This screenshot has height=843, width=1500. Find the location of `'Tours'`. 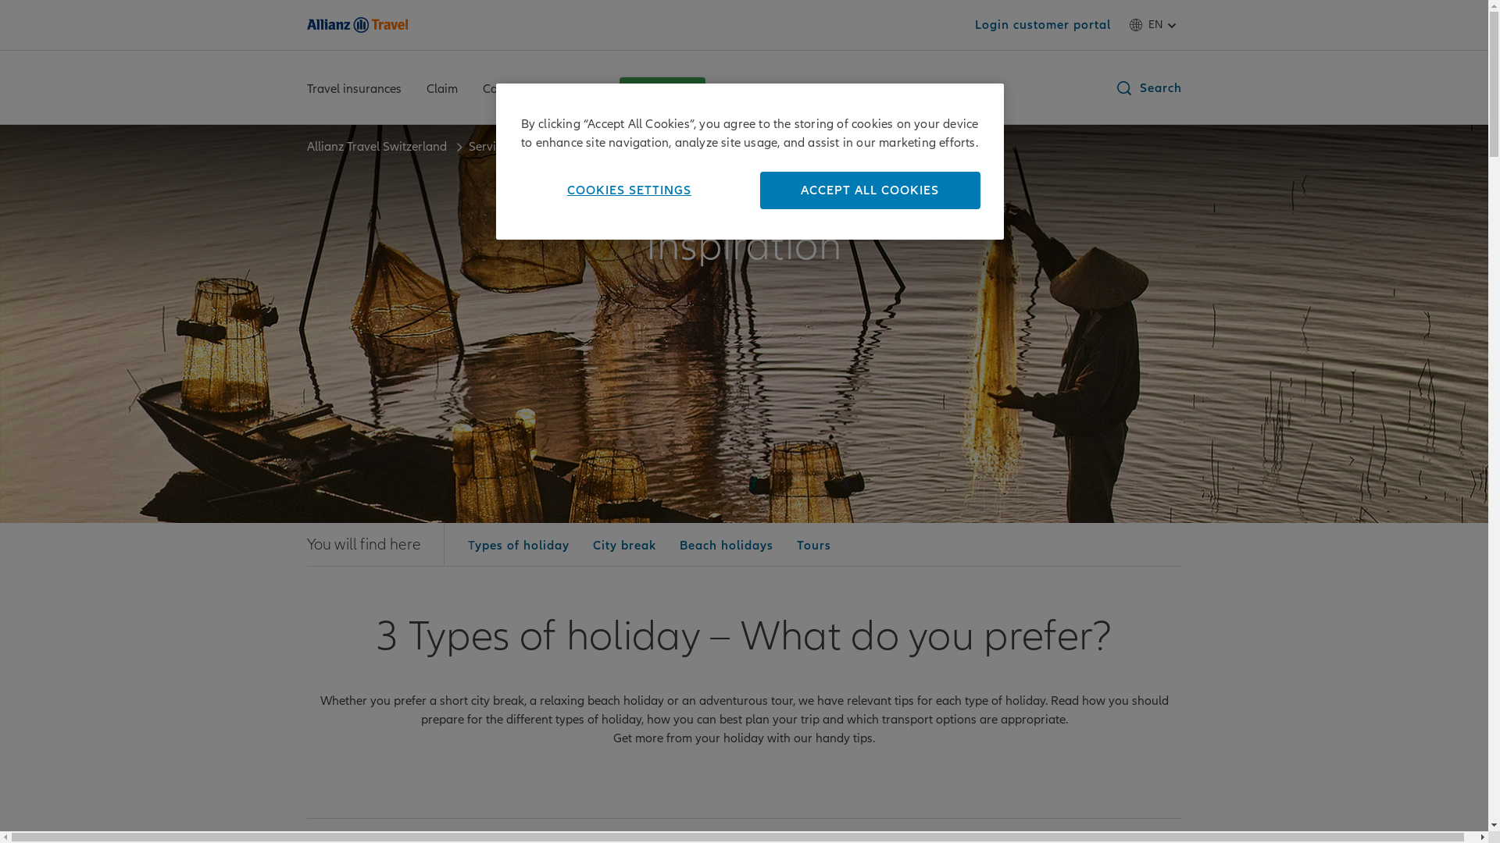

'Tours' is located at coordinates (812, 544).